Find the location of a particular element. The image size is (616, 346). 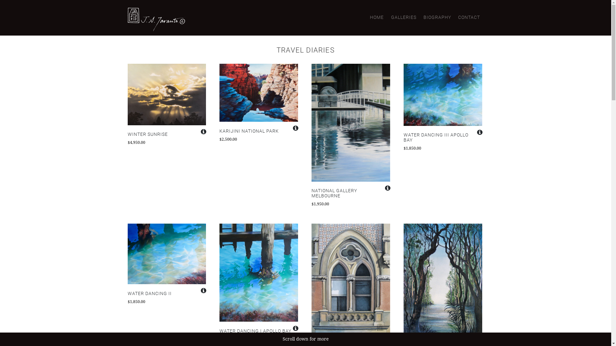

'HOME' is located at coordinates (377, 17).